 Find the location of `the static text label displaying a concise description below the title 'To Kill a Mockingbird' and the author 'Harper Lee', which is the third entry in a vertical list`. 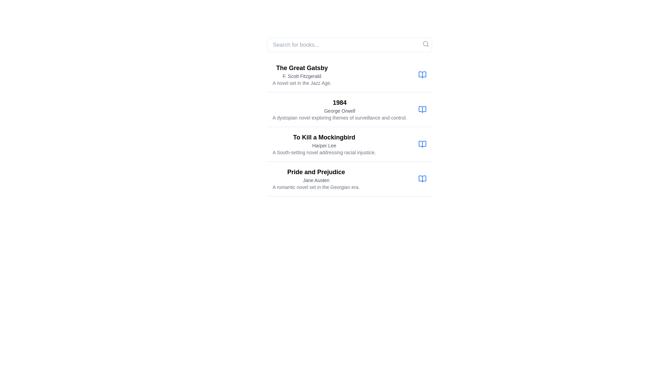

the static text label displaying a concise description below the title 'To Kill a Mockingbird' and the author 'Harper Lee', which is the third entry in a vertical list is located at coordinates (324, 152).